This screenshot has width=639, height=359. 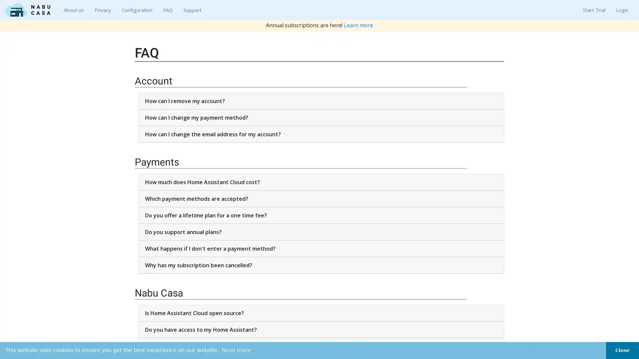 What do you see at coordinates (321, 313) in the screenshot?
I see `Is Home Assistant Cloud open source?` at bounding box center [321, 313].